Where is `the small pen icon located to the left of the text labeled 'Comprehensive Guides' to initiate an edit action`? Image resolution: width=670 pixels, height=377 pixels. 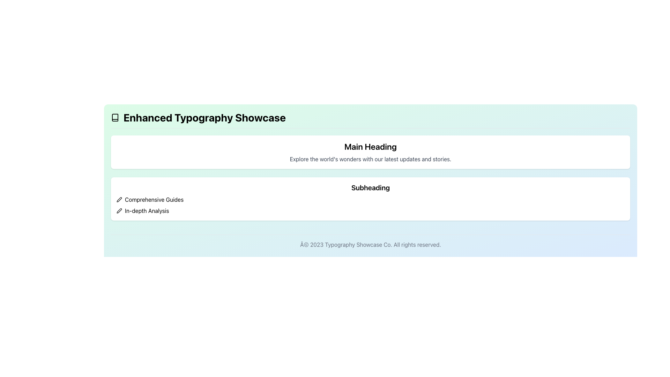
the small pen icon located to the left of the text labeled 'Comprehensive Guides' to initiate an edit action is located at coordinates (119, 199).